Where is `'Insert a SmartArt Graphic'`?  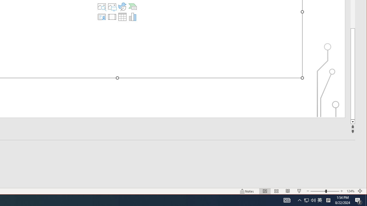 'Insert a SmartArt Graphic' is located at coordinates (132, 7).